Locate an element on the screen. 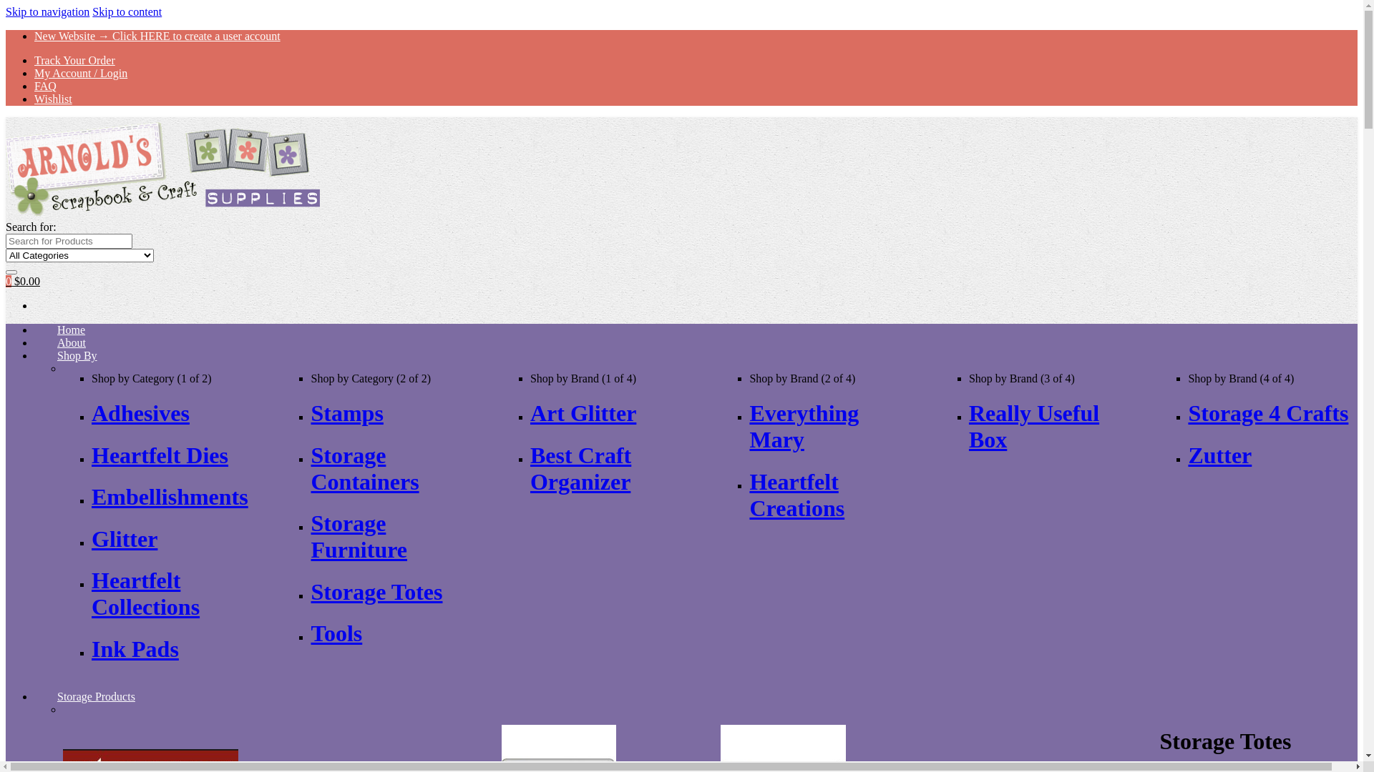 This screenshot has height=772, width=1374. 'Glitter' is located at coordinates (124, 538).